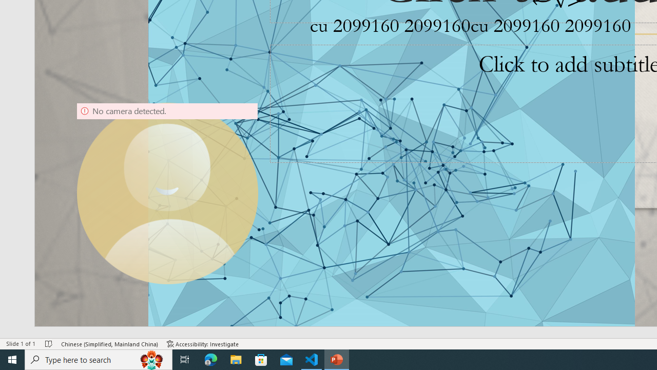 This screenshot has height=370, width=657. What do you see at coordinates (49, 344) in the screenshot?
I see `'Spell Check No Errors'` at bounding box center [49, 344].